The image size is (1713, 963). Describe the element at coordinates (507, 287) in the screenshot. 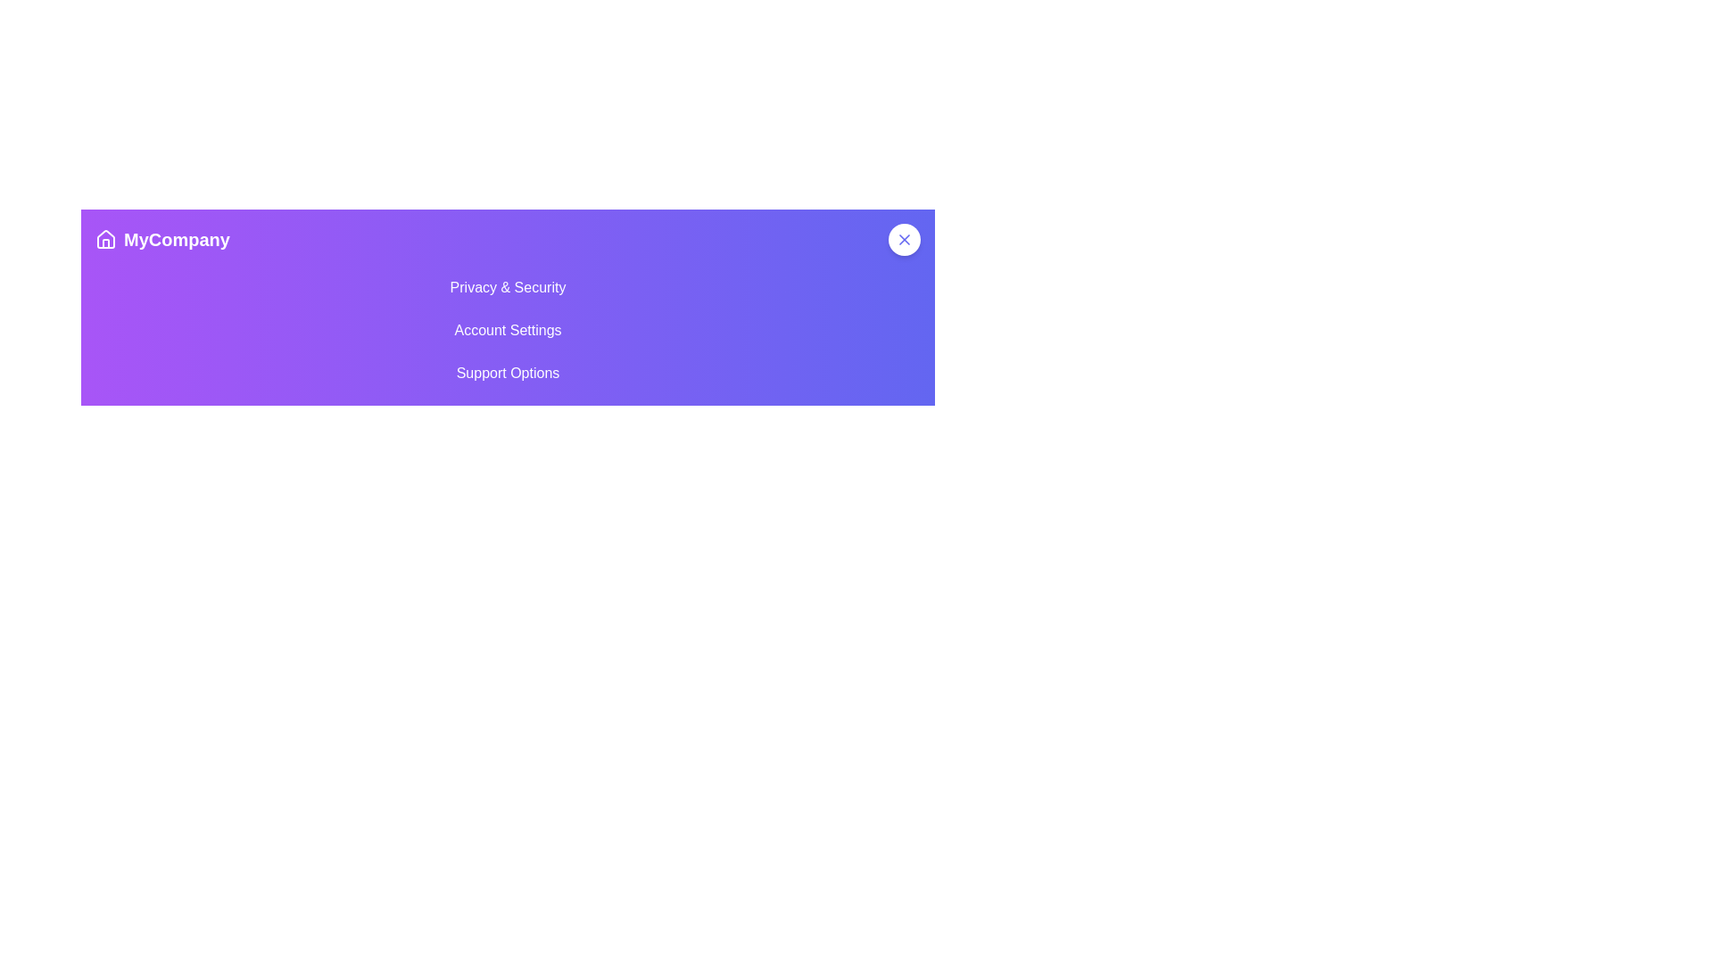

I see `the 'Privacy & Security' navigation link, which is the first item in a vertically stacked menu list styled with white font against a purple to blue background` at that location.